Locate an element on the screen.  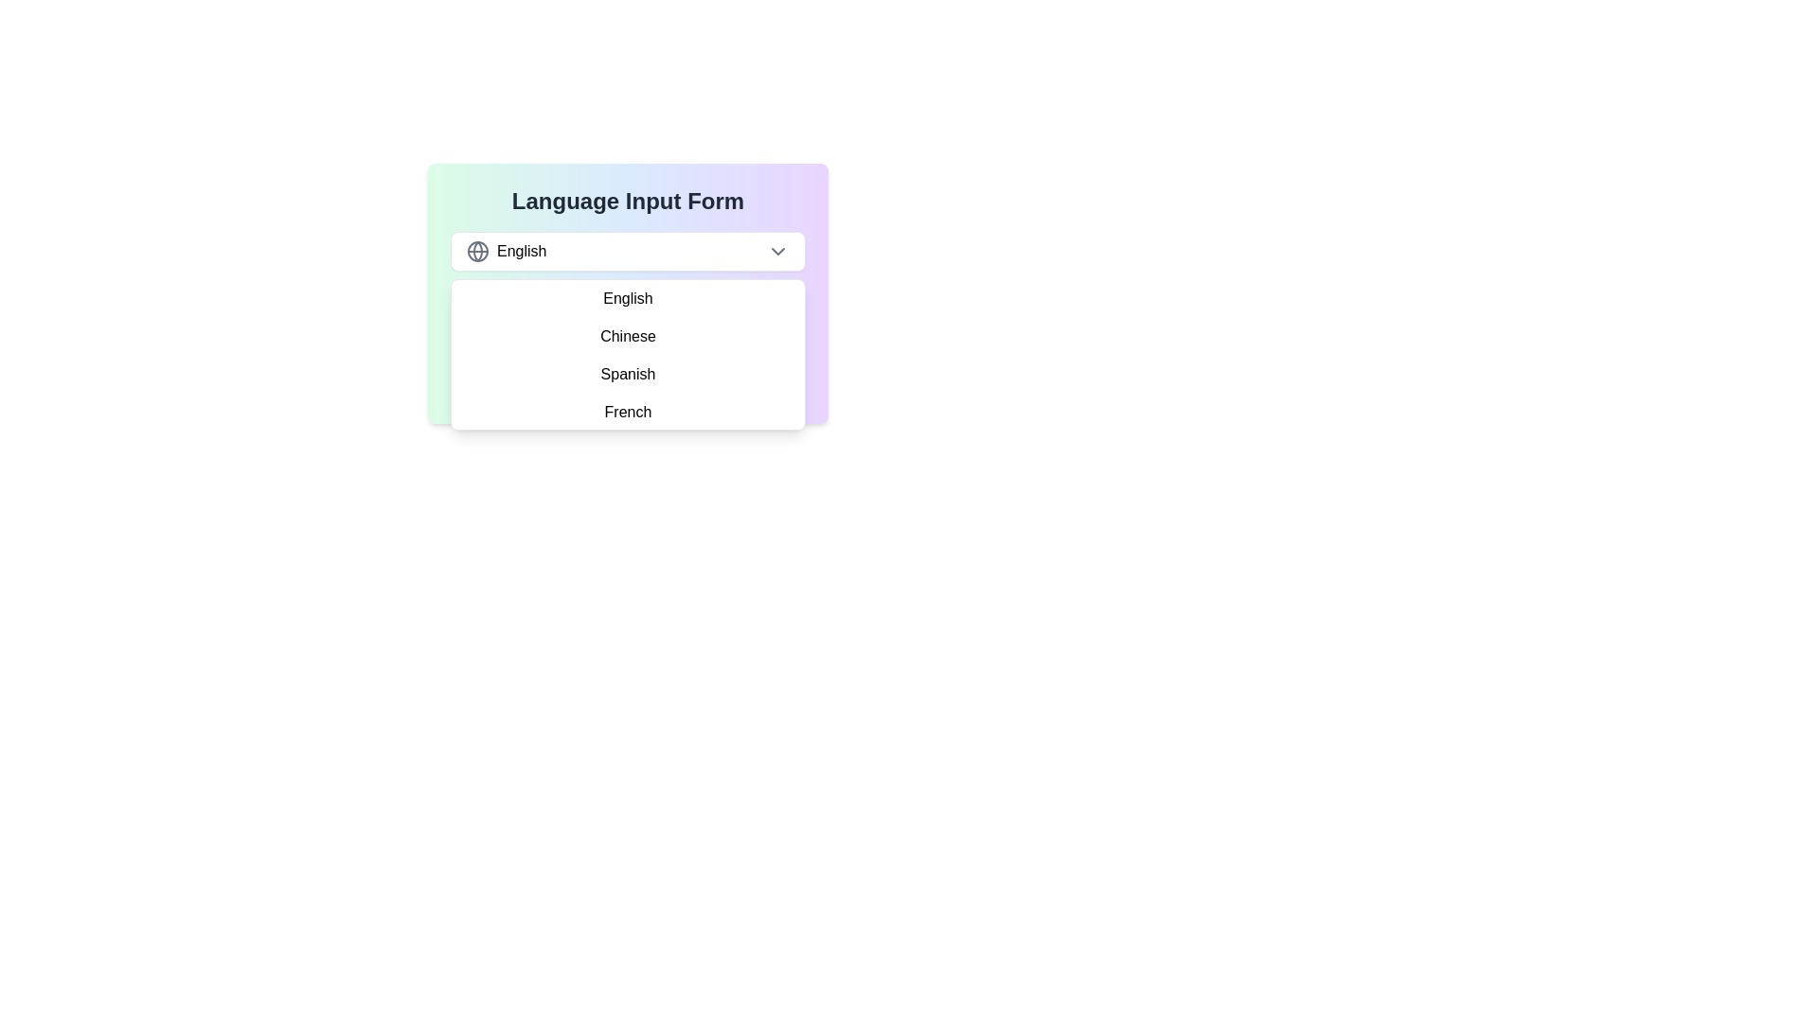
the first entry in the dropdown menu for selecting the English language is located at coordinates (628, 298).